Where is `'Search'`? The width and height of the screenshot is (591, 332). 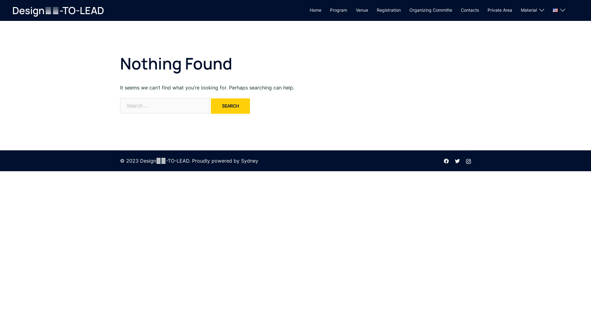 'Search' is located at coordinates (211, 105).